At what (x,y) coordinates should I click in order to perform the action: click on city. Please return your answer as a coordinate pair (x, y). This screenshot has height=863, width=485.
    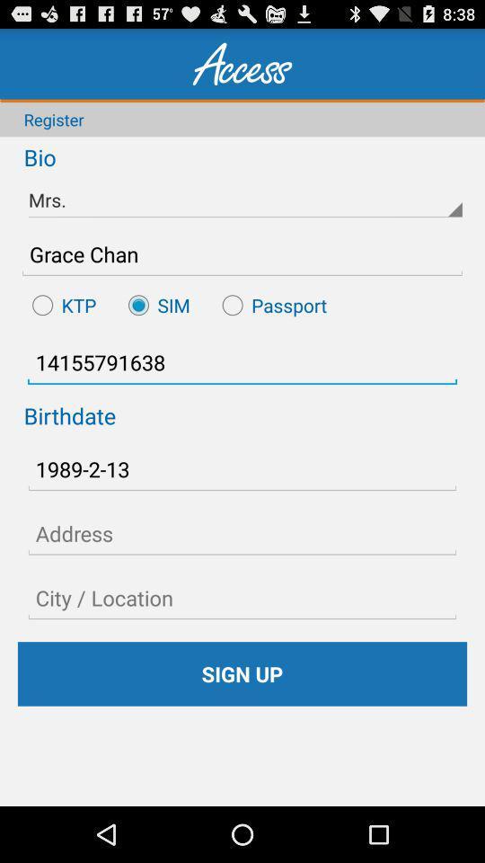
    Looking at the image, I should click on (242, 598).